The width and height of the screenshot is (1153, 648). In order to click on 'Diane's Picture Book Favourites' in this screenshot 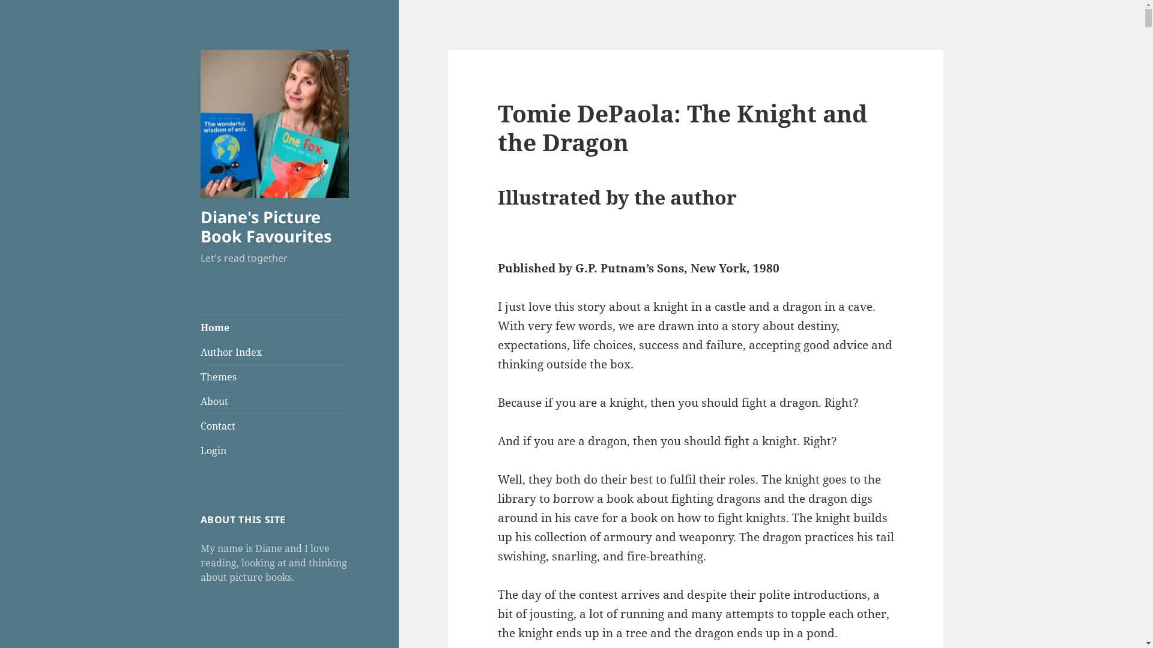, I will do `click(265, 226)`.